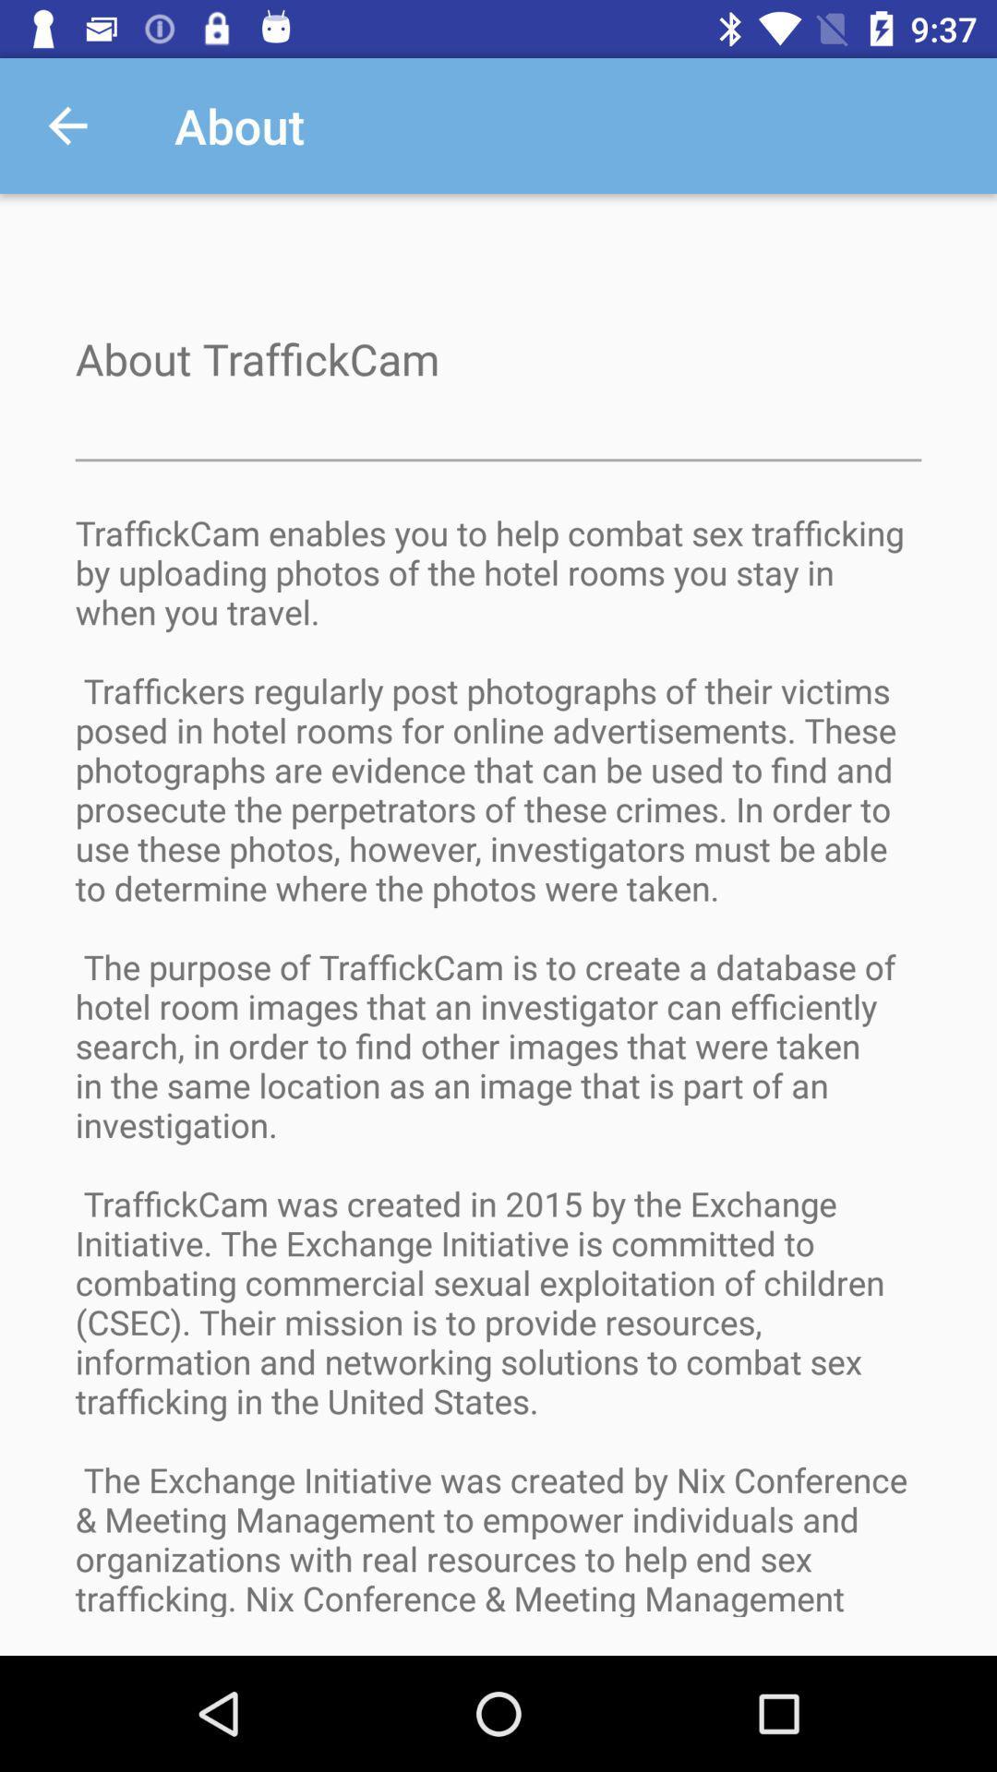 The height and width of the screenshot is (1772, 997). What do you see at coordinates (66, 125) in the screenshot?
I see `the icon to the left of about app` at bounding box center [66, 125].